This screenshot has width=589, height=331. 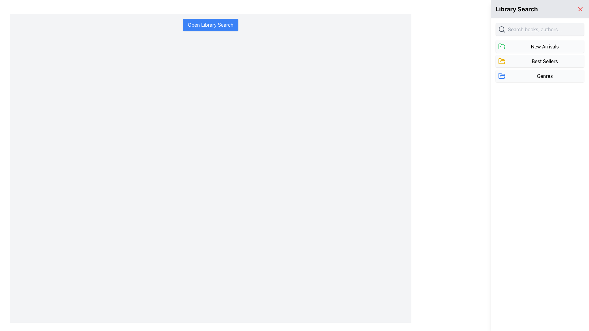 I want to click on the 'Genres' text label, which is the third entry in the vertical list within the 'Library Search' panel, located below the 'Best Sellers' entry, so click(x=545, y=75).